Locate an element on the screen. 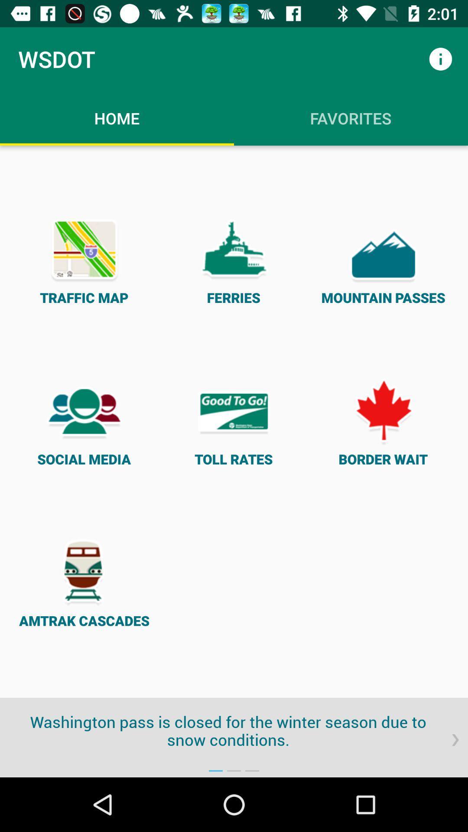 The height and width of the screenshot is (832, 468). the icon above the washington pass is icon is located at coordinates (233, 422).